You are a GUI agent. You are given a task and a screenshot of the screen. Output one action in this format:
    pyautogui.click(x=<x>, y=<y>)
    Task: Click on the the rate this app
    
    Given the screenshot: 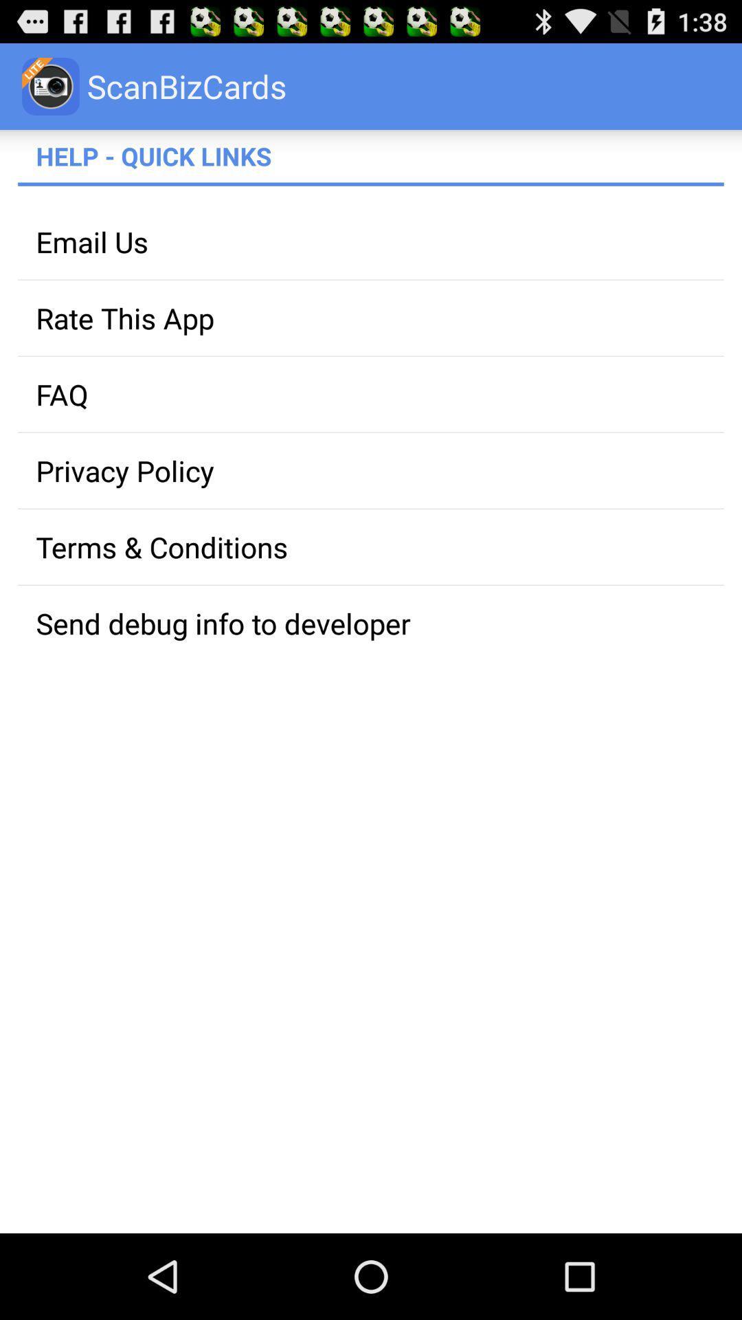 What is the action you would take?
    pyautogui.click(x=371, y=317)
    